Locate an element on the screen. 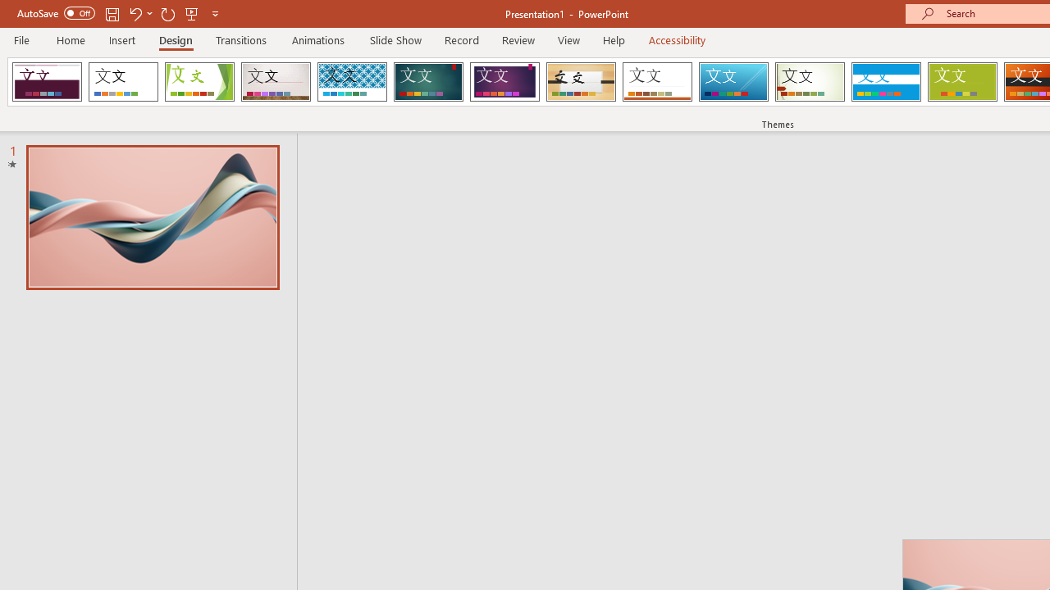 The image size is (1050, 590). 'Slice' is located at coordinates (733, 82).